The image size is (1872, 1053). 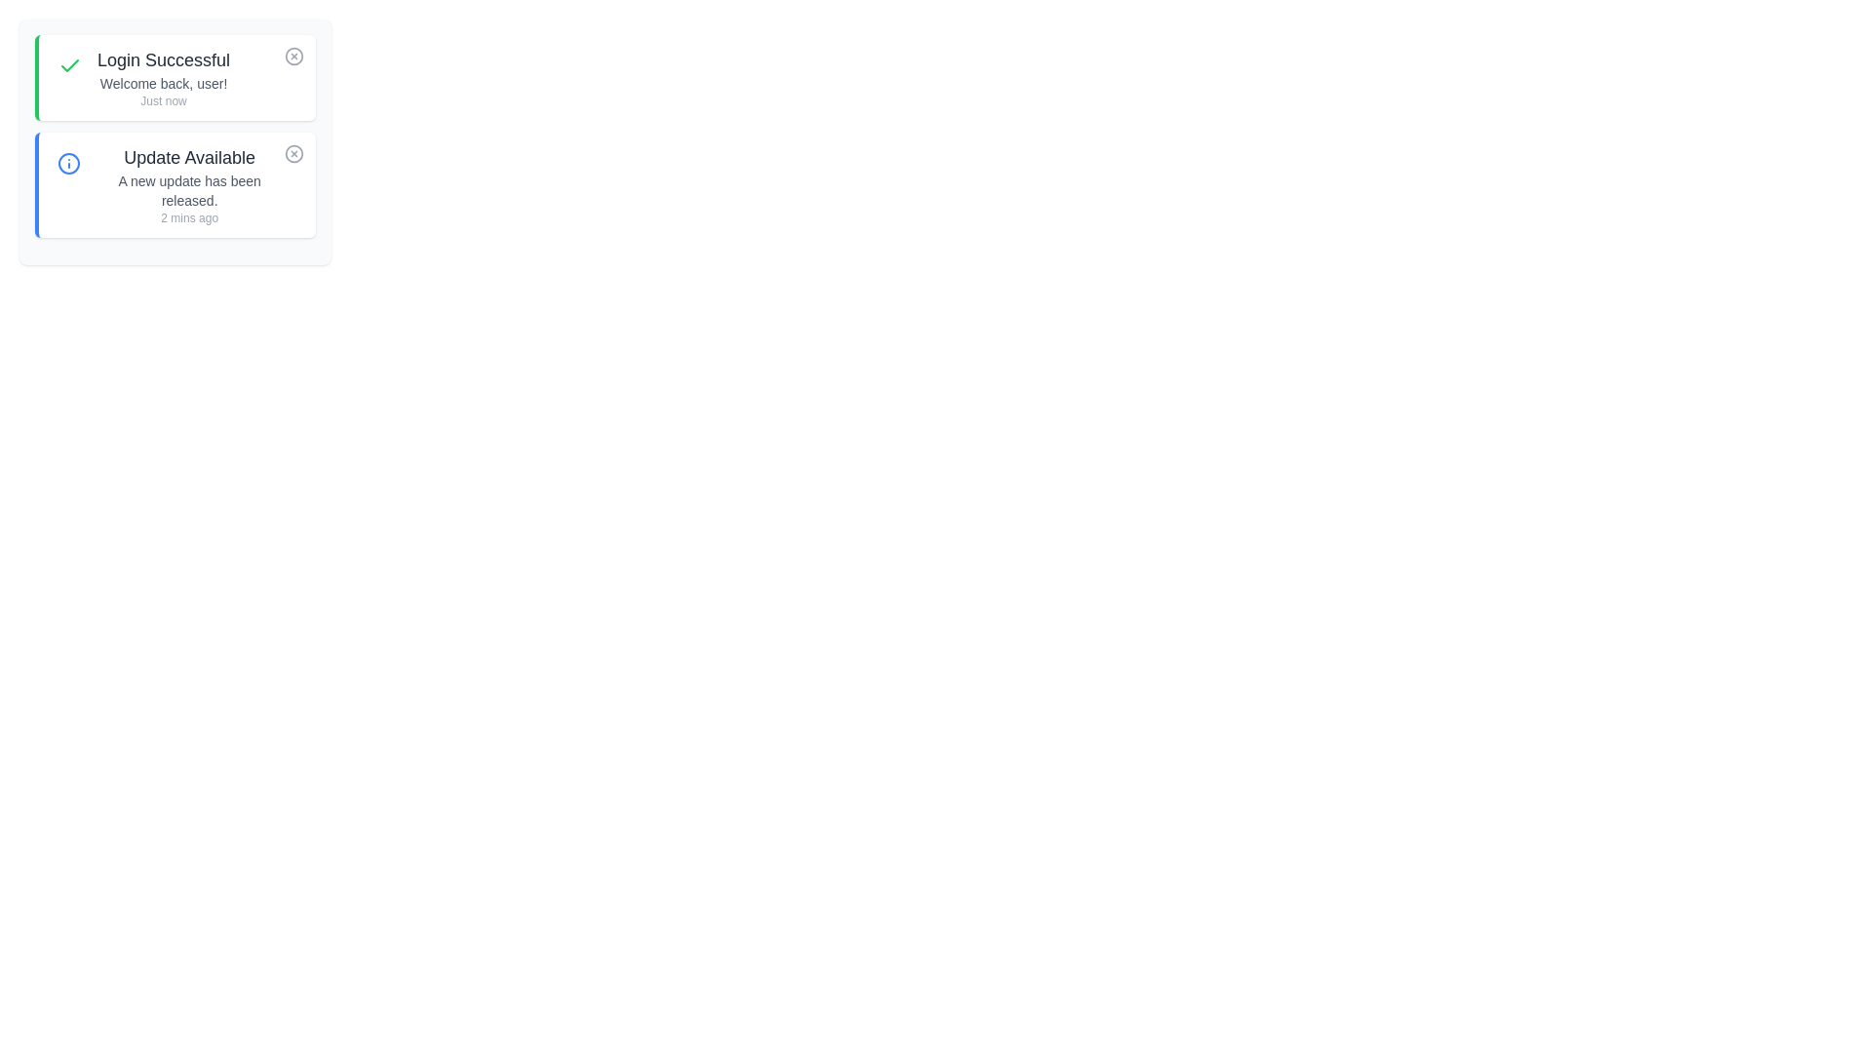 What do you see at coordinates (189, 157) in the screenshot?
I see `the Text Label that serves as the title of the 'Update Available' notification, which is located at the top of the notification card` at bounding box center [189, 157].